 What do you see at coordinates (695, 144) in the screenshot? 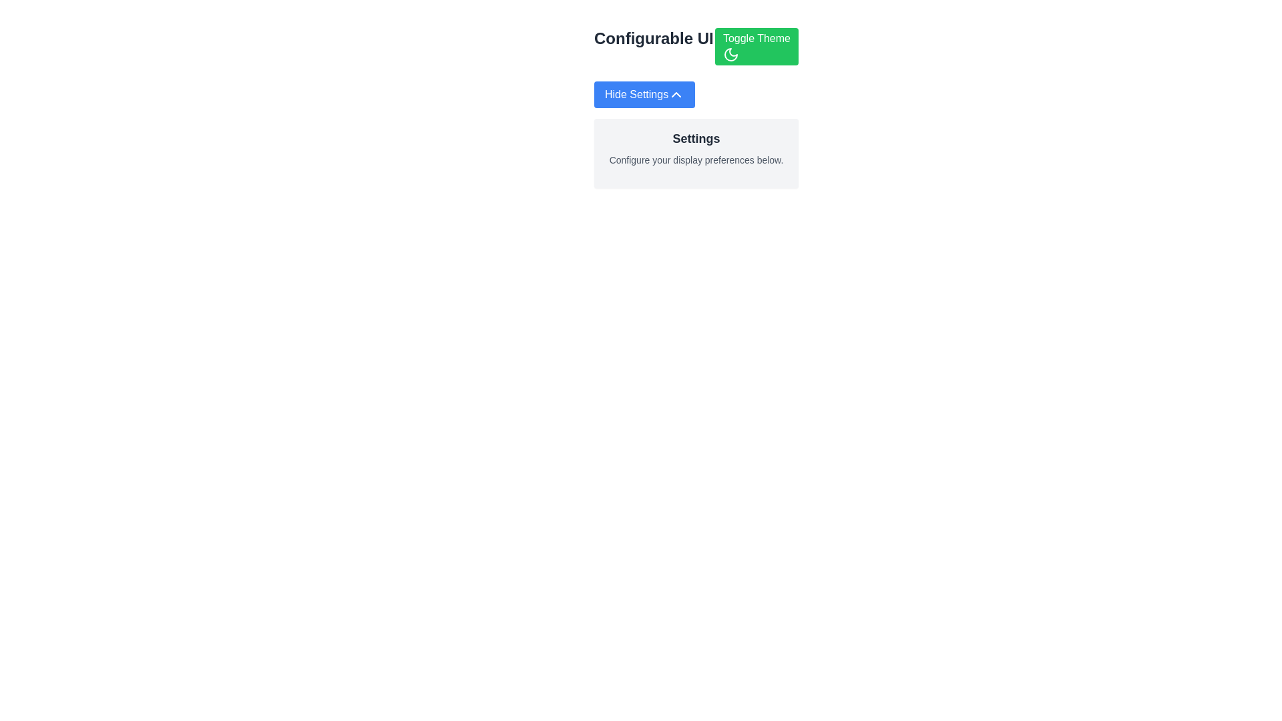
I see `the light-gray informational panel containing the bold 'Settings' text and the smaller 'Configure your display preferences below' text, which is located below the blue 'Hide Settings' button` at bounding box center [695, 144].